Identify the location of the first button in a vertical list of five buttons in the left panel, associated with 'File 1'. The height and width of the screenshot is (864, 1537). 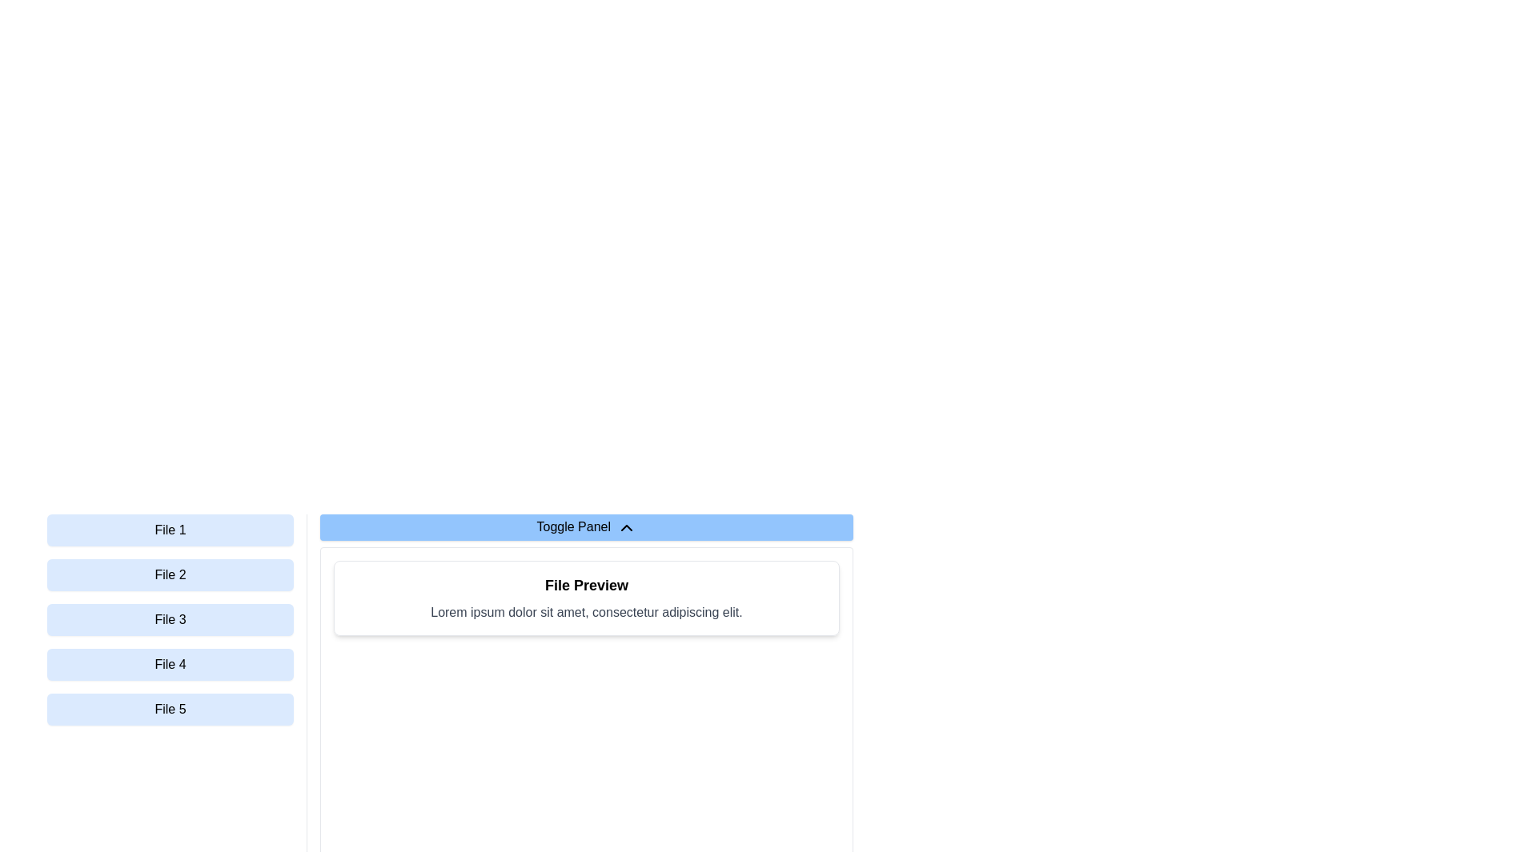
(170, 530).